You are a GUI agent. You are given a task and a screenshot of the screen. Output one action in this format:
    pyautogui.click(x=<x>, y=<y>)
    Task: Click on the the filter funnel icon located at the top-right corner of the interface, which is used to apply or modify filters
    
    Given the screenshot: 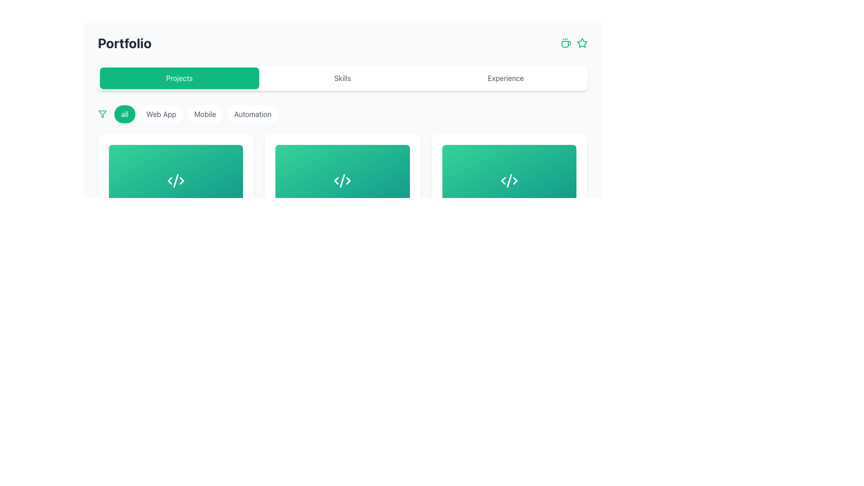 What is the action you would take?
    pyautogui.click(x=102, y=114)
    